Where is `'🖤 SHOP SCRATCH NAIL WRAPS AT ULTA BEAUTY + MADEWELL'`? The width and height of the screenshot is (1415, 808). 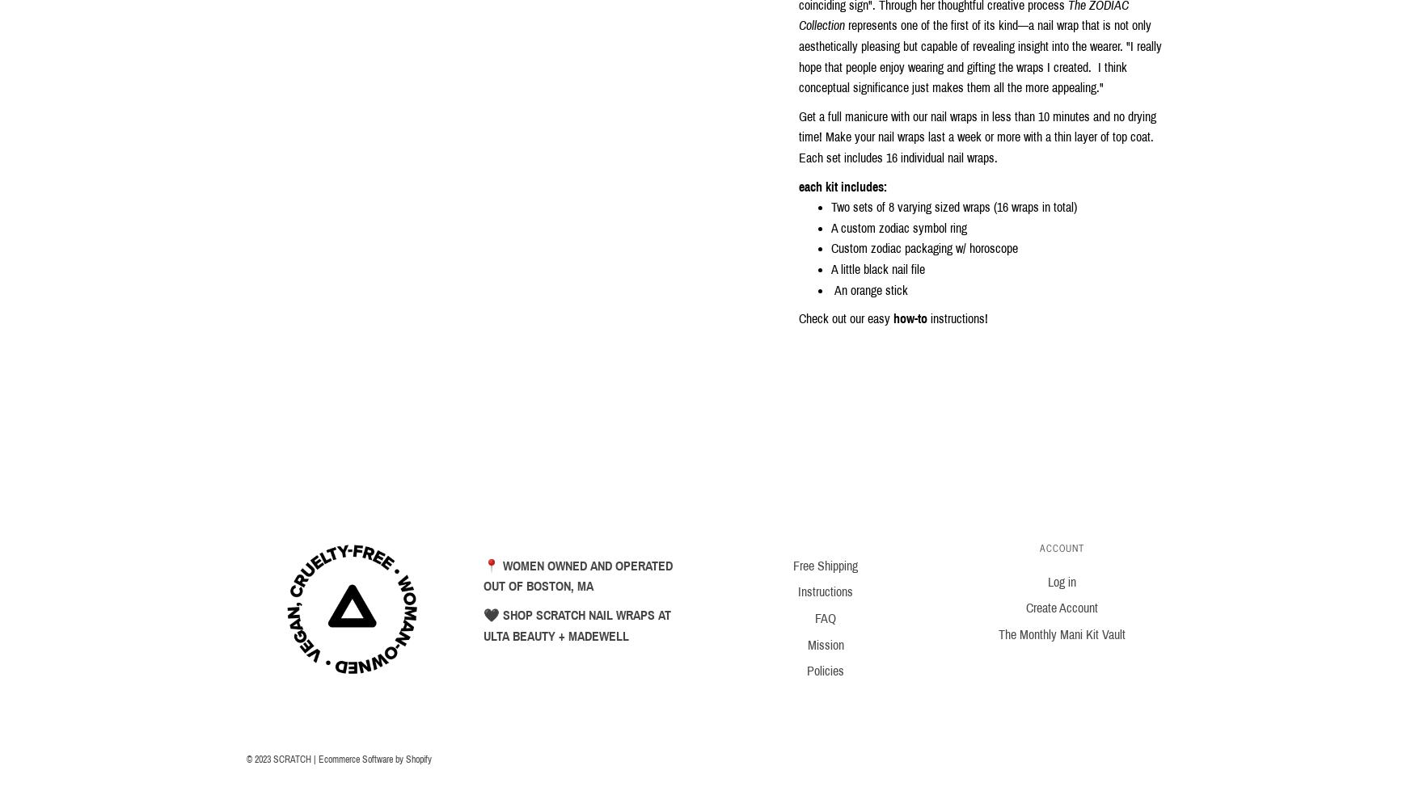
'🖤 SHOP SCRATCH NAIL WRAPS AT ULTA BEAUTY + MADEWELL' is located at coordinates (482, 625).